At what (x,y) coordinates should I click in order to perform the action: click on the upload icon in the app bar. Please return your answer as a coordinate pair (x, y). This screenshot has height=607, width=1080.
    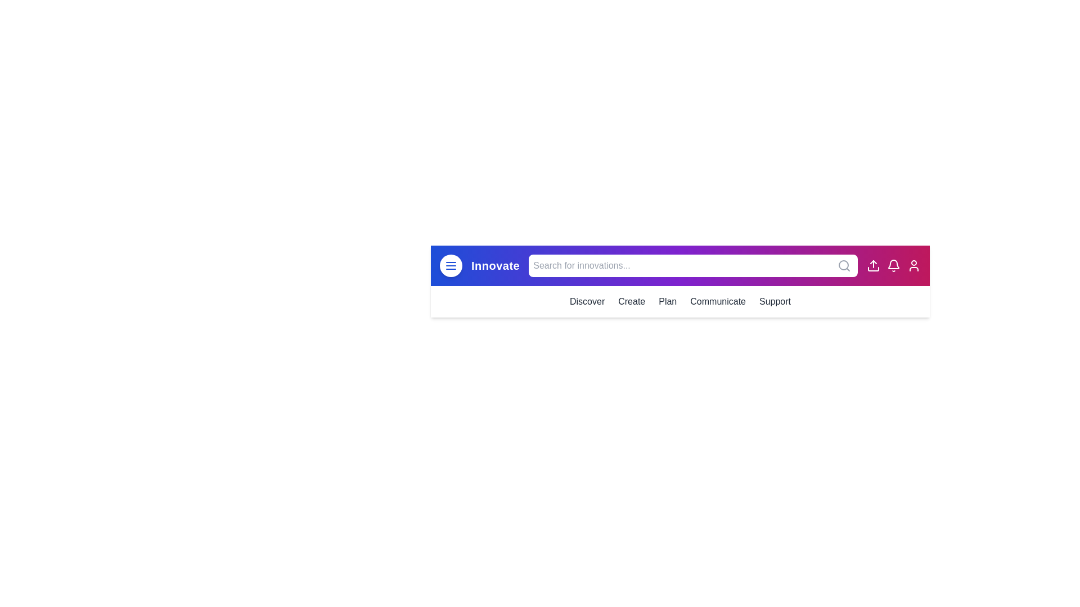
    Looking at the image, I should click on (873, 266).